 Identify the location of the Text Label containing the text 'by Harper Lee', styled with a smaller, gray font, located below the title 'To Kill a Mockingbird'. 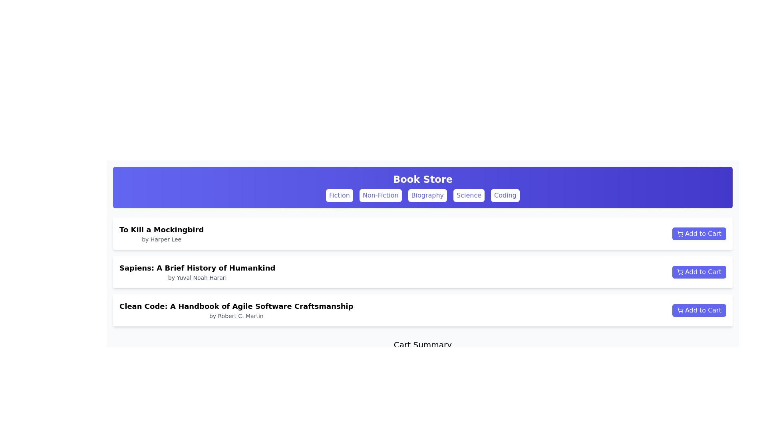
(161, 239).